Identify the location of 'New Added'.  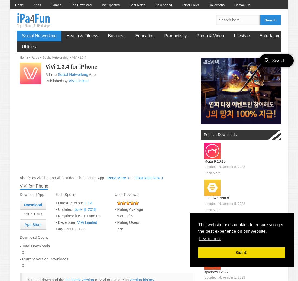
(163, 5).